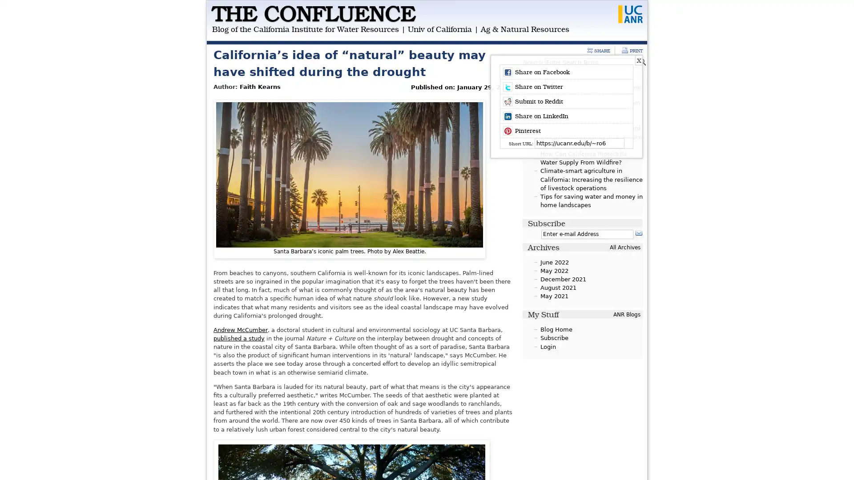 The image size is (854, 480). I want to click on Search, so click(642, 61).